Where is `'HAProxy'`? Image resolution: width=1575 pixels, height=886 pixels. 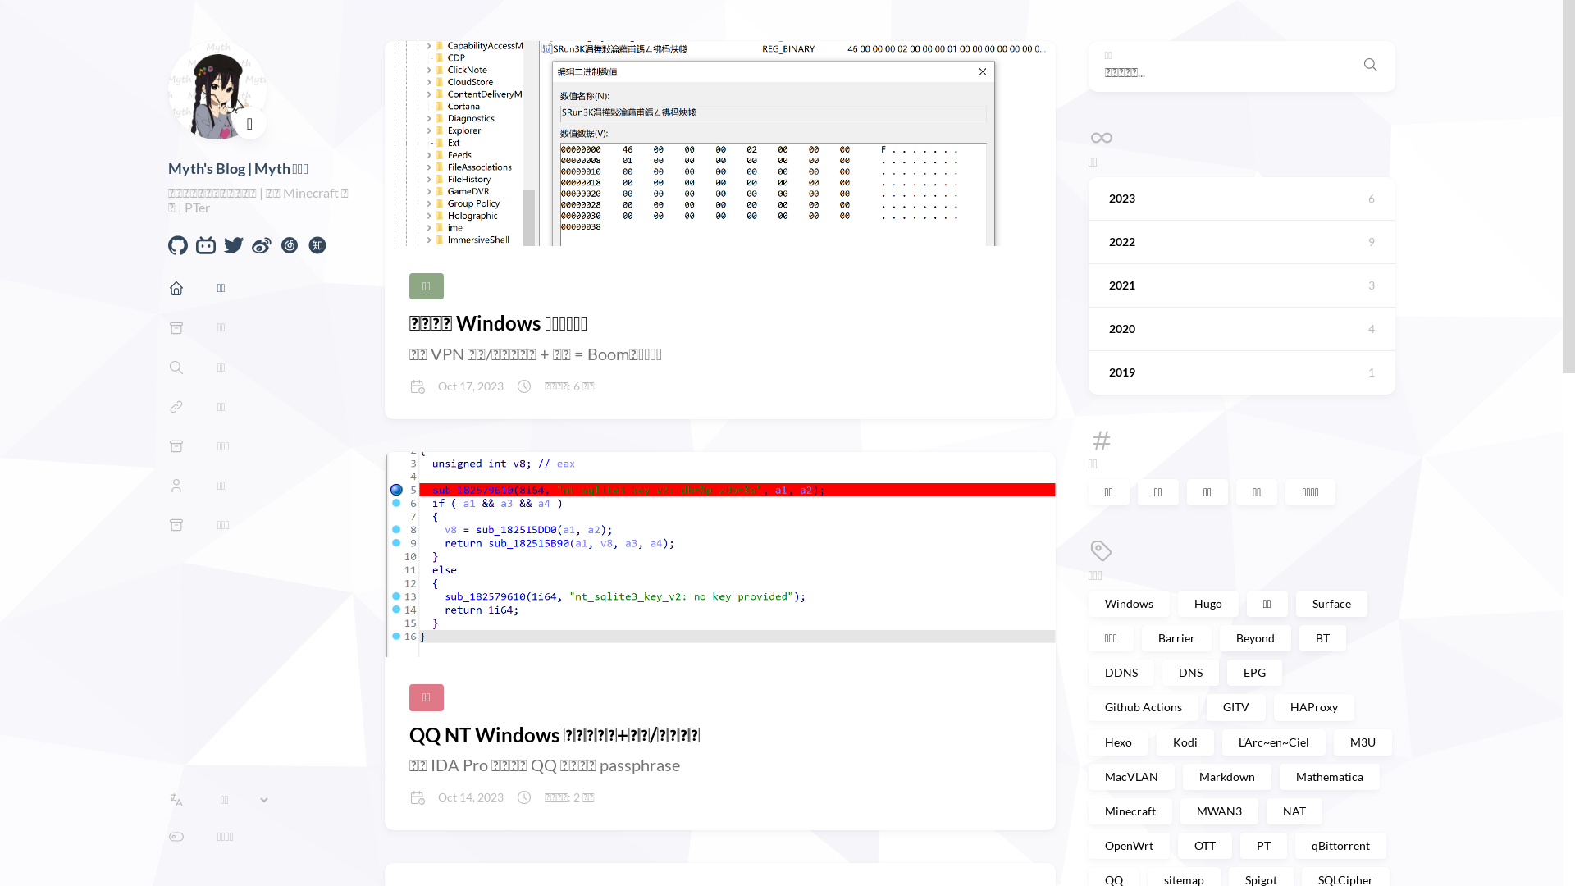 'HAProxy' is located at coordinates (1313, 706).